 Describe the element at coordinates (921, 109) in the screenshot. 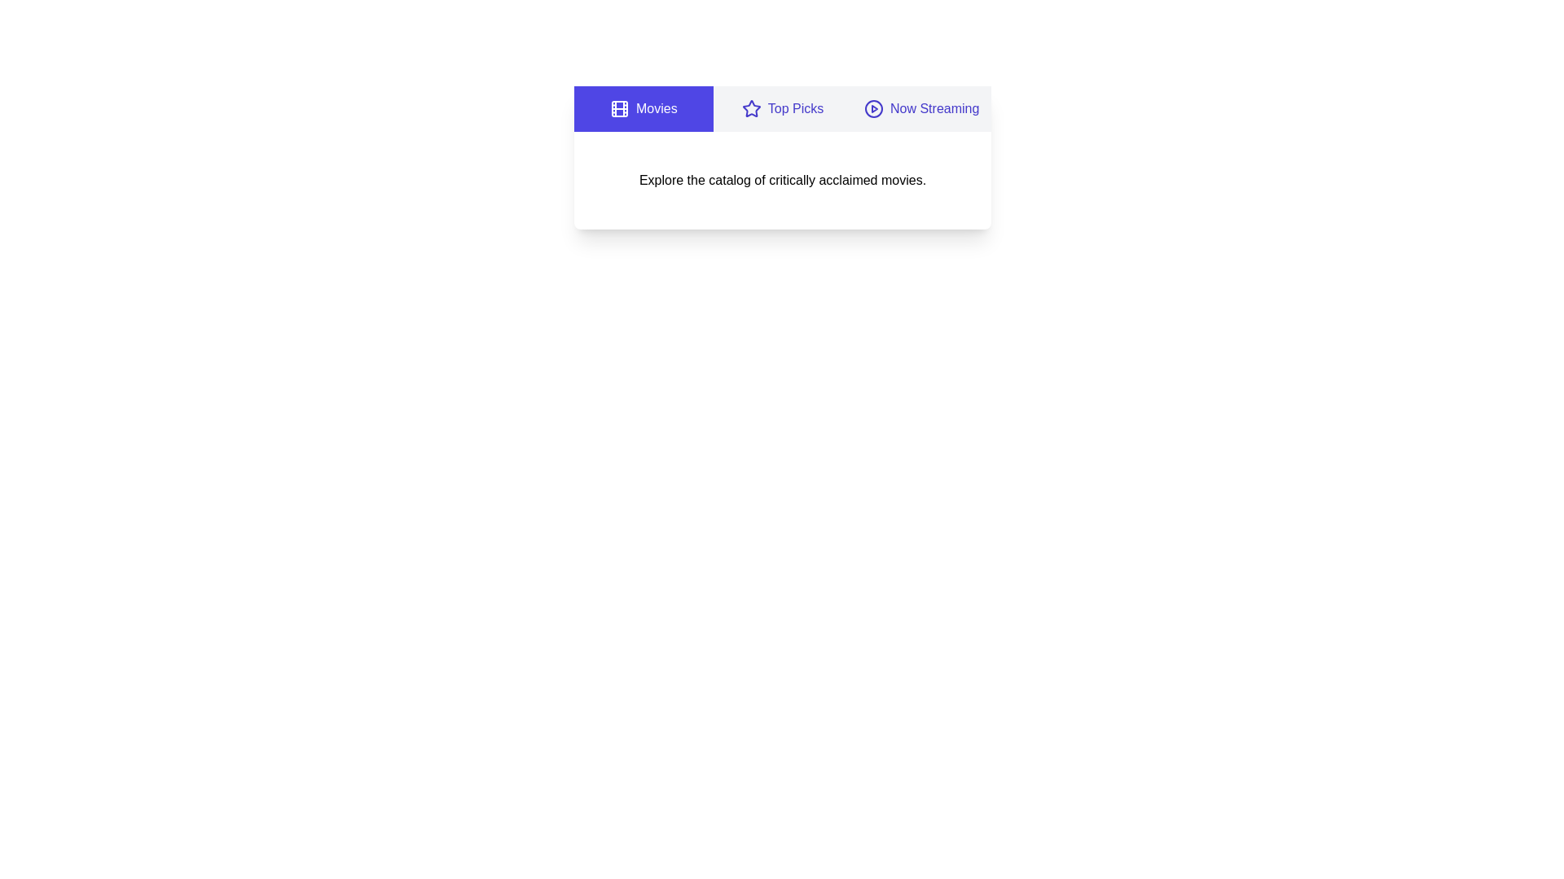

I see `the Now Streaming tab` at that location.